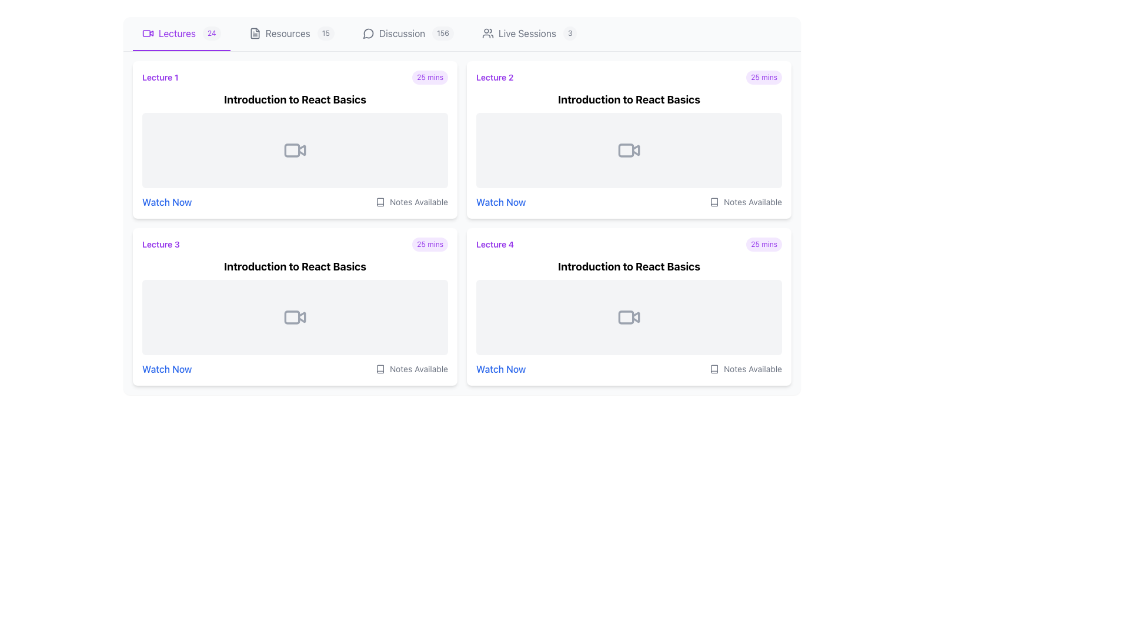  I want to click on the play button represented by a triangle pointing to the right, located in the bottom-left portion of the third lecture card labeled 'Lecture 3', so click(302, 317).